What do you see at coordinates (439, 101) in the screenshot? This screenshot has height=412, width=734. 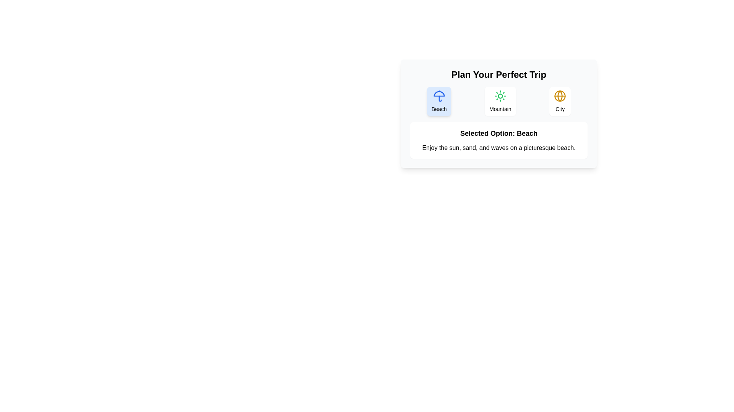 I see `the 'Beach' button, which features a blue umbrella icon and a bold 'Beach' label, located as the leftmost option in a horizontal group of three cards` at bounding box center [439, 101].